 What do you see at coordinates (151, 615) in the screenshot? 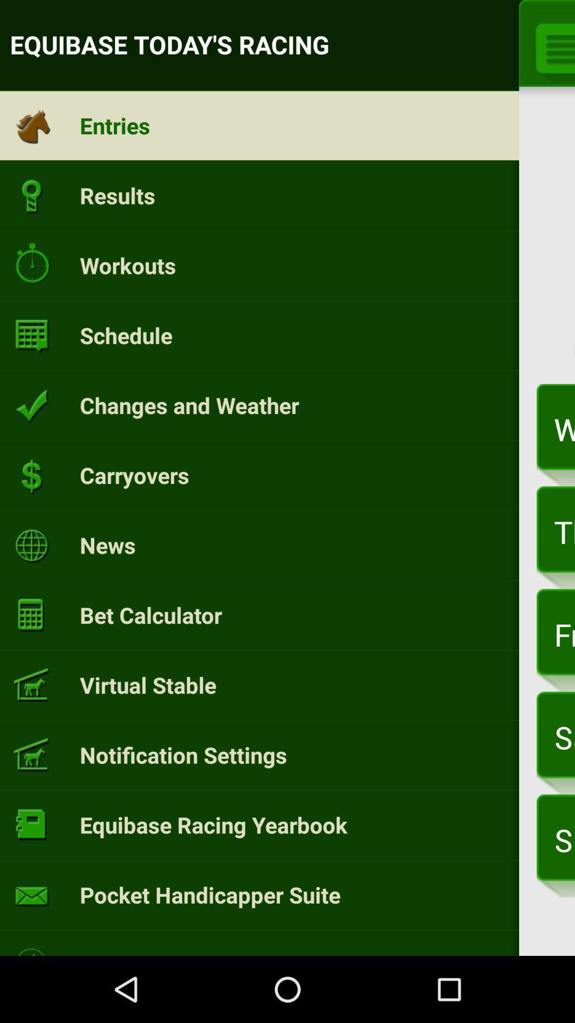
I see `the bet calculator icon` at bounding box center [151, 615].